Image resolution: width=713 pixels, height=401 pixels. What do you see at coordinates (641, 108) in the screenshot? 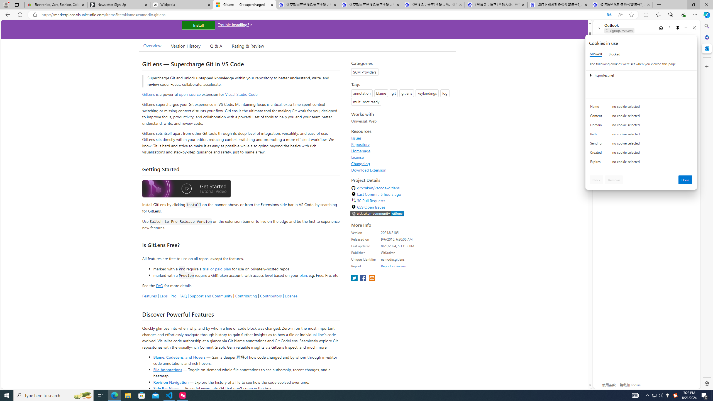
I see `'Class: c0153 c0157 c0154'` at bounding box center [641, 108].